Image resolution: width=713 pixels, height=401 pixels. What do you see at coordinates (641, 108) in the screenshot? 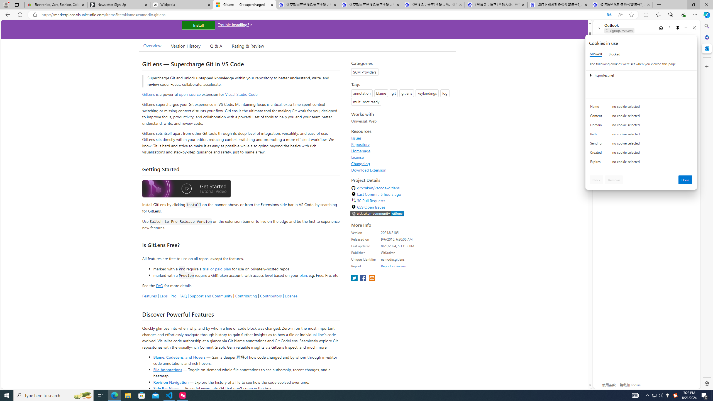
I see `'Class: c0153 c0157 c0154'` at bounding box center [641, 108].